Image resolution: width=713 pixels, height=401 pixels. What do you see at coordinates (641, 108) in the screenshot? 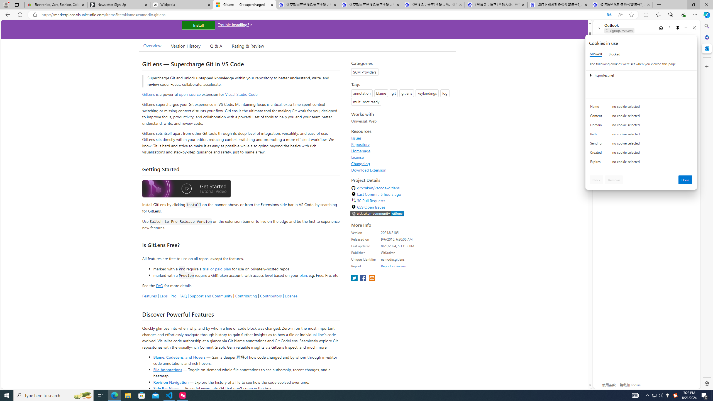
I see `'Class: c0153 c0157 c0154'` at bounding box center [641, 108].